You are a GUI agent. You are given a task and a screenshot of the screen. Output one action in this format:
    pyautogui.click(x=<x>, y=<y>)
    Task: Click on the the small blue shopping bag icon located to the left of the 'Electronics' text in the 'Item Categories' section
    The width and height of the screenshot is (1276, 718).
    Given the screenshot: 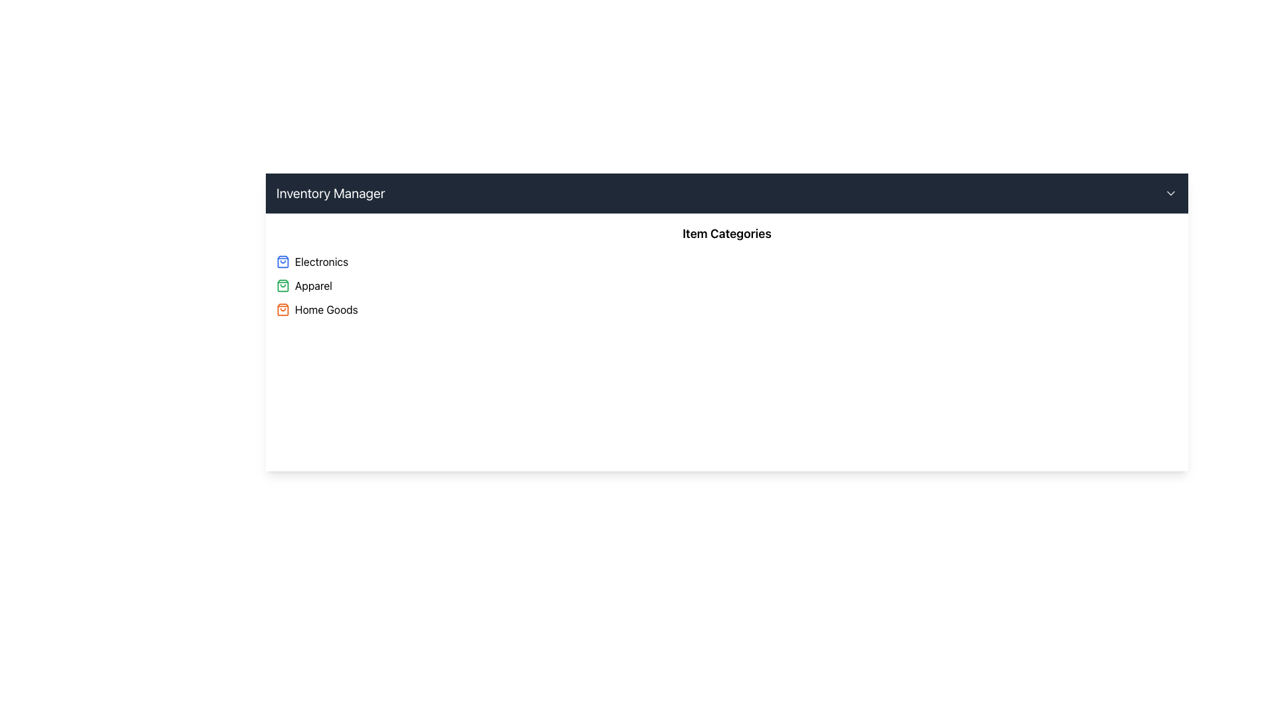 What is the action you would take?
    pyautogui.click(x=282, y=261)
    